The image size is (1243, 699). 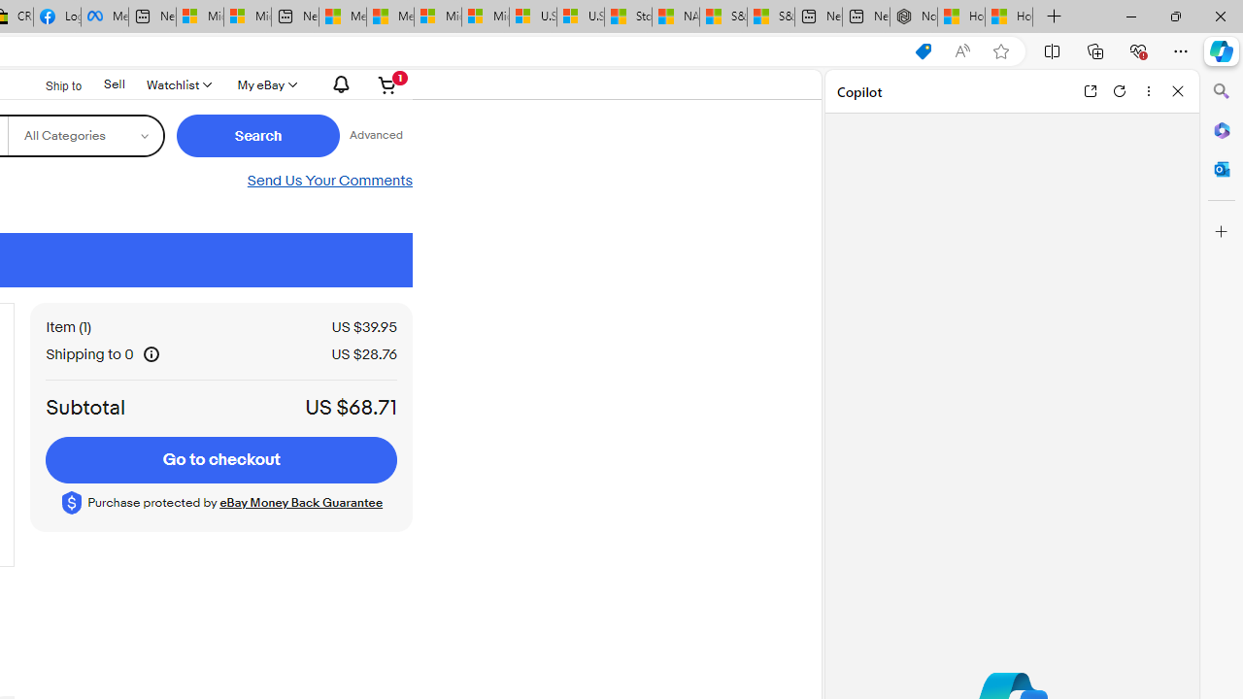 I want to click on 'Sell', so click(x=113, y=83).